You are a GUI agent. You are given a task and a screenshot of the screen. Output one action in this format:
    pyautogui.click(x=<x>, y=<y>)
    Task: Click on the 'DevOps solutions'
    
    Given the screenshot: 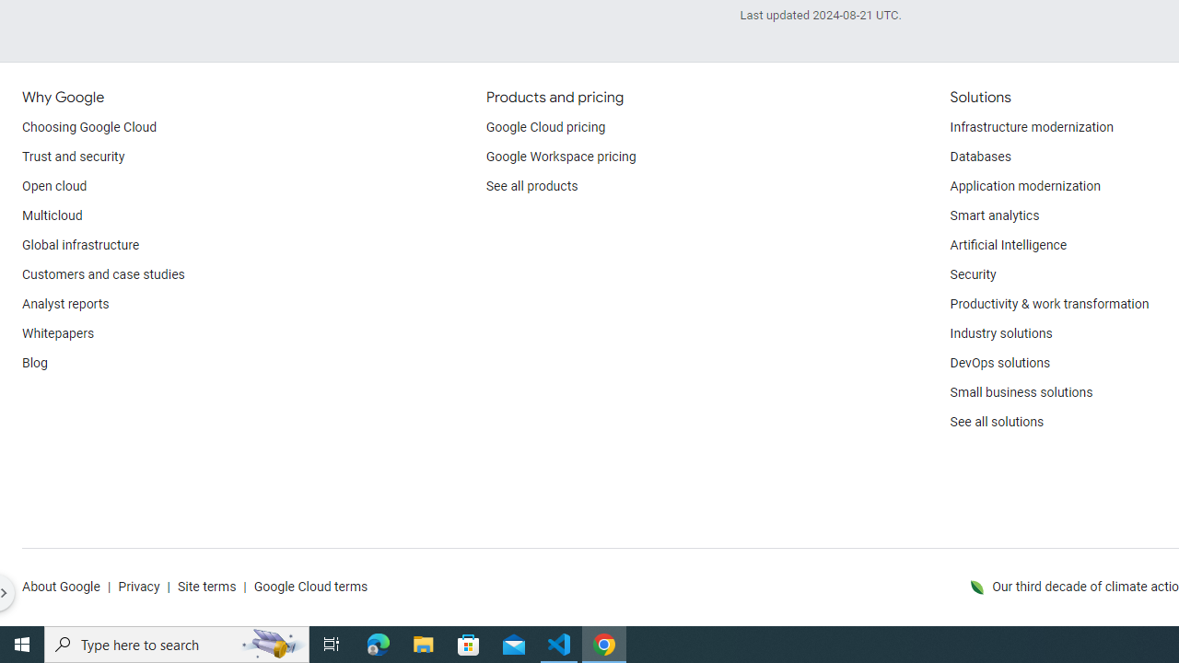 What is the action you would take?
    pyautogui.click(x=998, y=363)
    